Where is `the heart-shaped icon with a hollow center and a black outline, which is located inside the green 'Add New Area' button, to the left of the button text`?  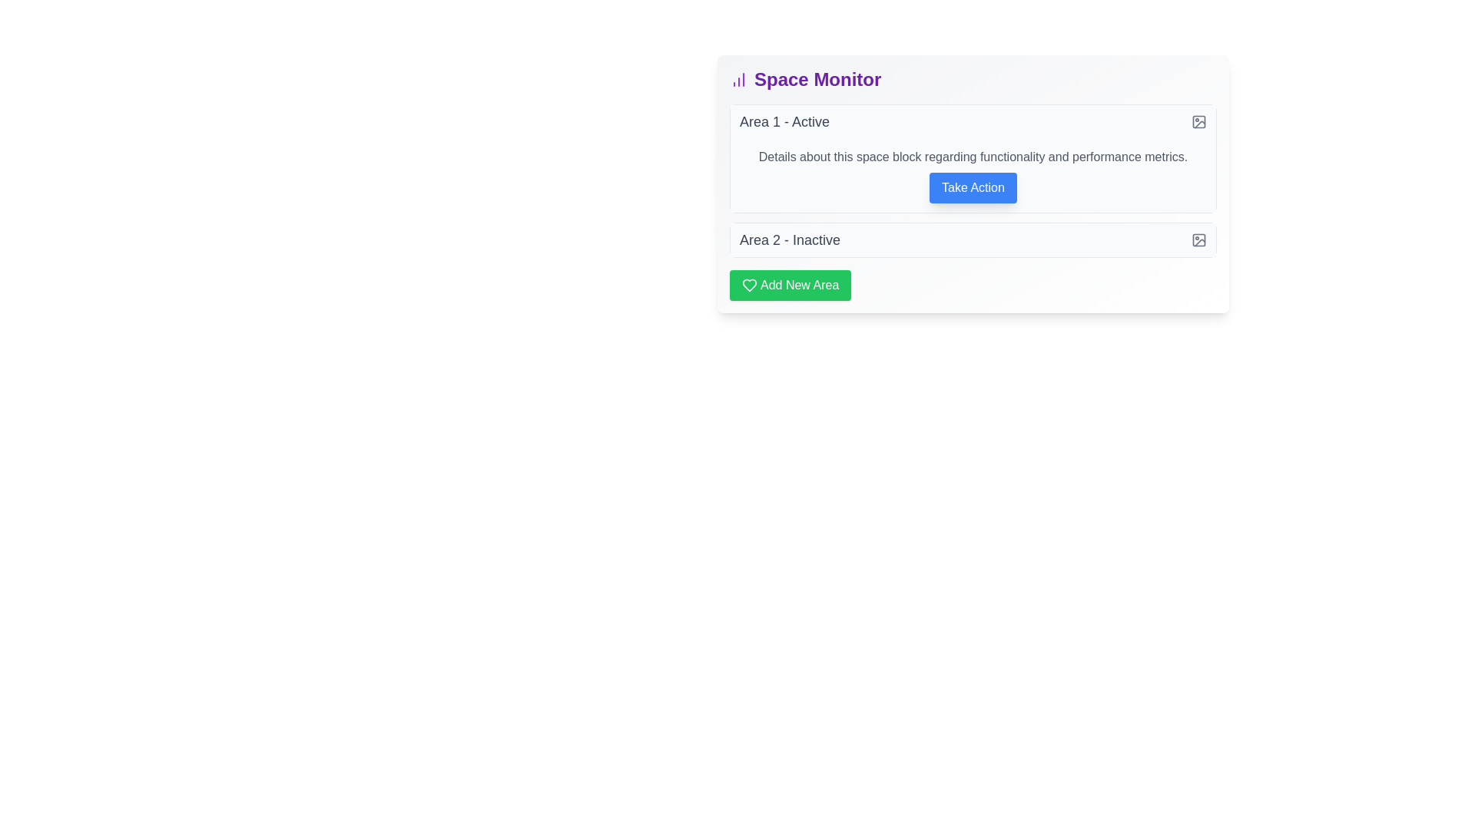
the heart-shaped icon with a hollow center and a black outline, which is located inside the green 'Add New Area' button, to the left of the button text is located at coordinates (749, 285).